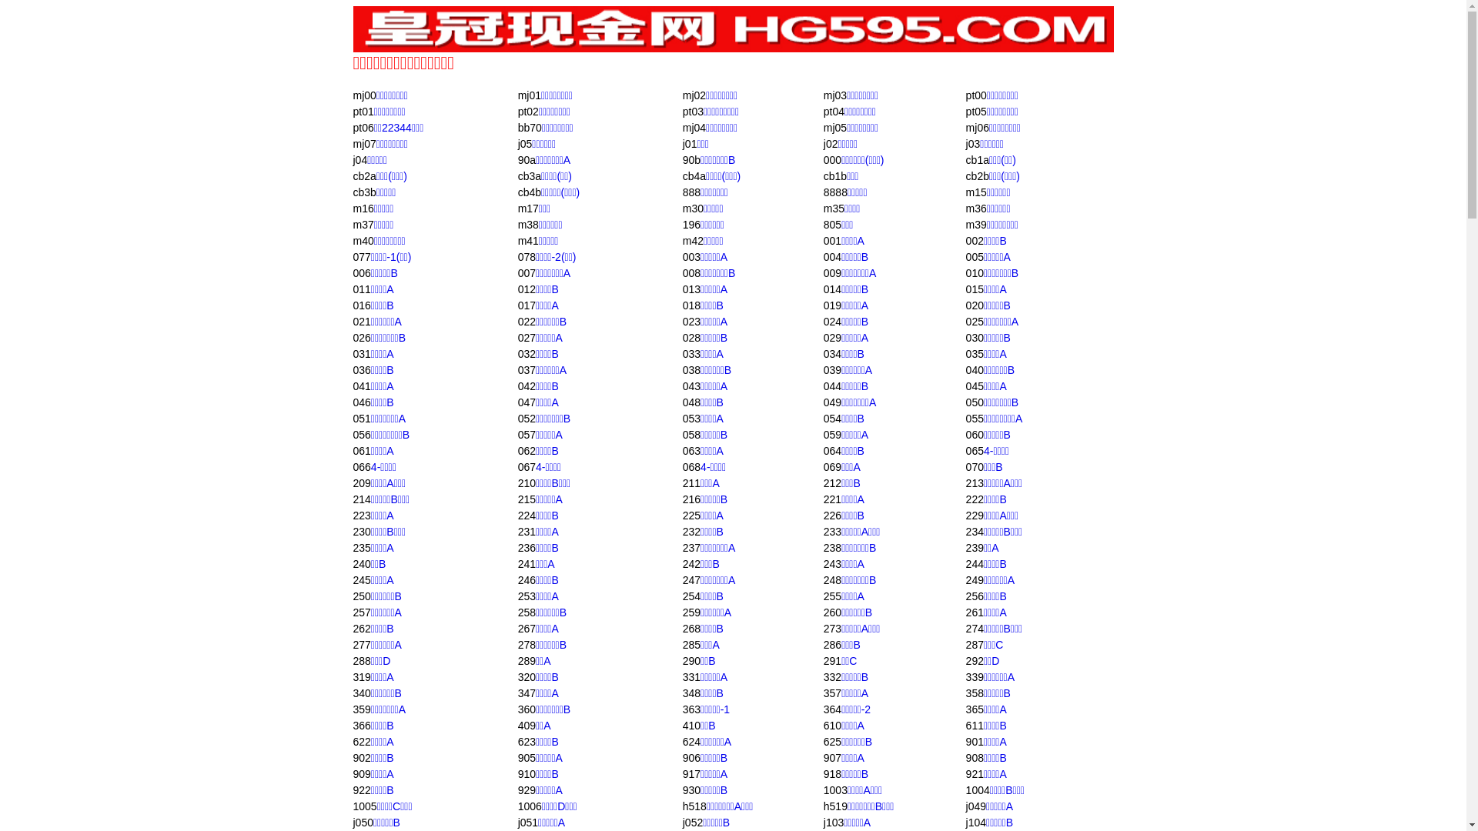 The image size is (1478, 831). What do you see at coordinates (527, 693) in the screenshot?
I see `'347'` at bounding box center [527, 693].